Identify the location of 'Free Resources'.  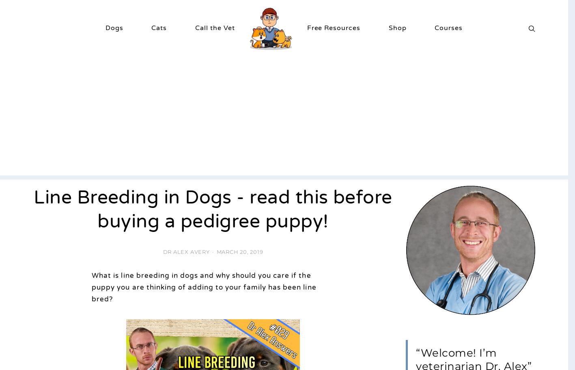
(334, 27).